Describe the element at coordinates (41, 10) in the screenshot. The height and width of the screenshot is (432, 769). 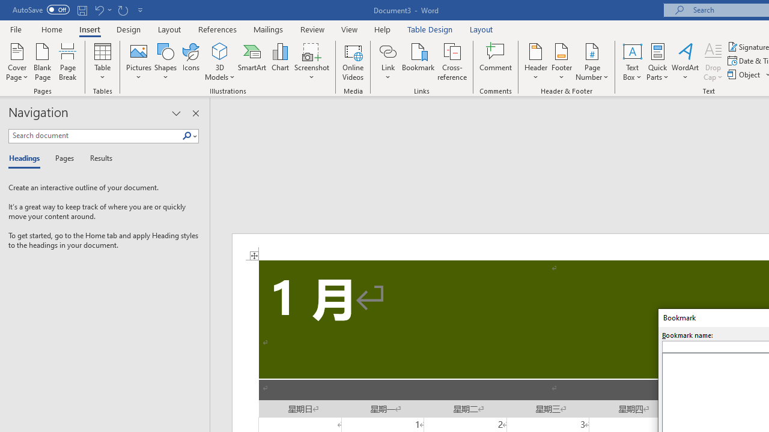
I see `'AutoSave'` at that location.